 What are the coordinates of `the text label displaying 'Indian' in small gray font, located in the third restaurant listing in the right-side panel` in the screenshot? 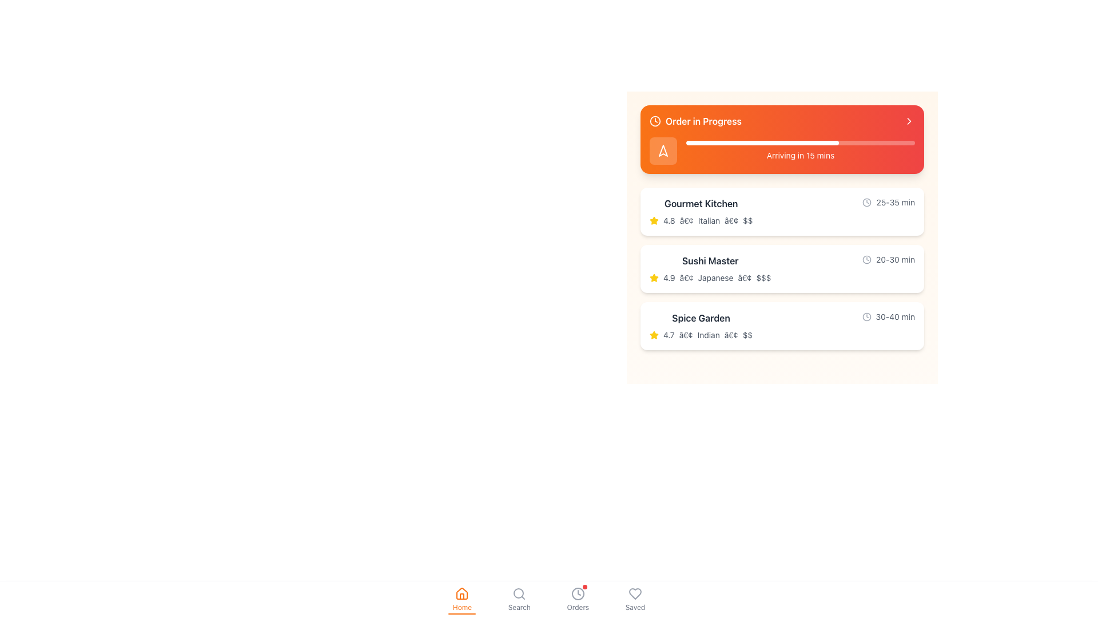 It's located at (708, 335).